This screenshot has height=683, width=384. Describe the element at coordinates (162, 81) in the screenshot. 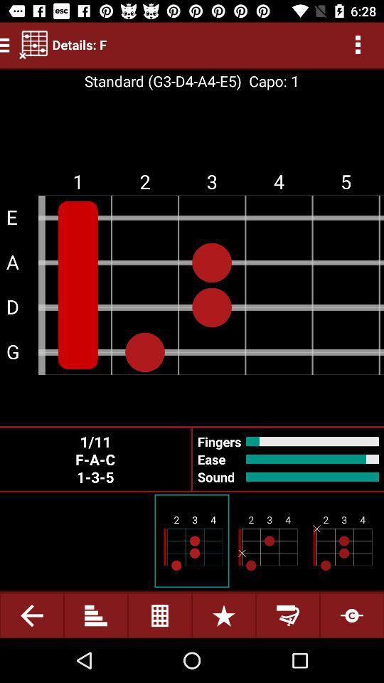

I see `the item next to   capo: 1 icon` at that location.